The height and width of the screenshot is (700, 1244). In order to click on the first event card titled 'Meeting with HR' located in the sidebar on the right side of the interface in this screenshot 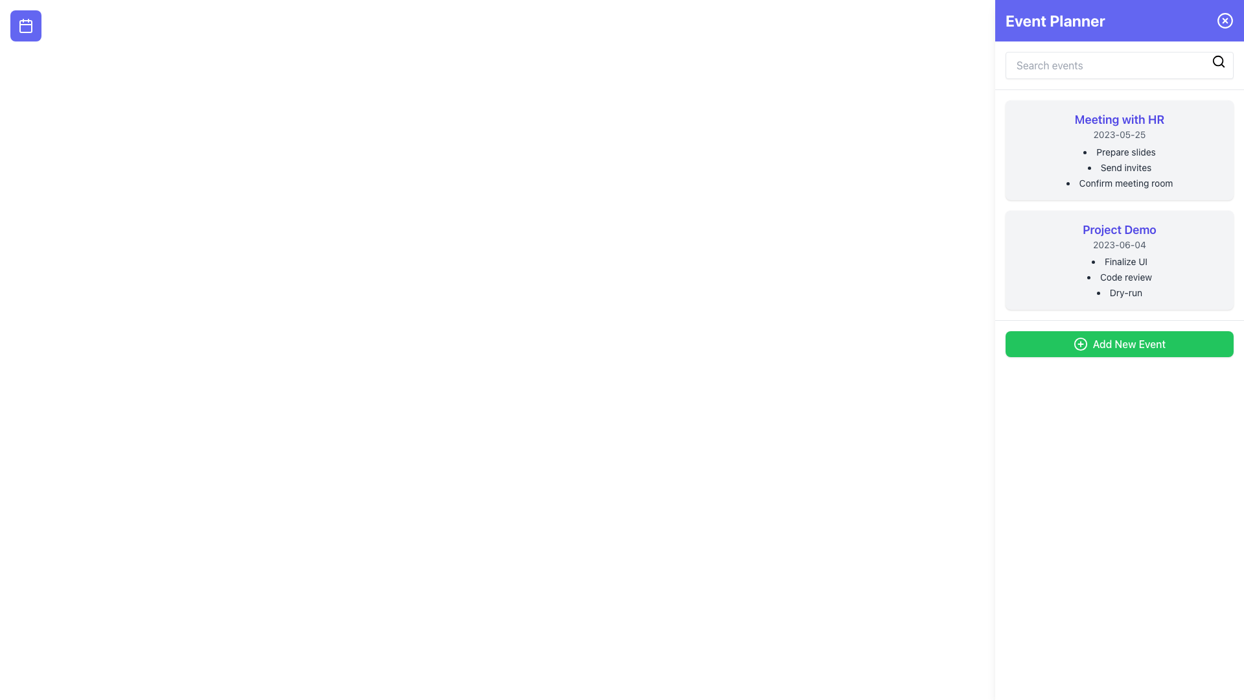, I will do `click(1119, 149)`.